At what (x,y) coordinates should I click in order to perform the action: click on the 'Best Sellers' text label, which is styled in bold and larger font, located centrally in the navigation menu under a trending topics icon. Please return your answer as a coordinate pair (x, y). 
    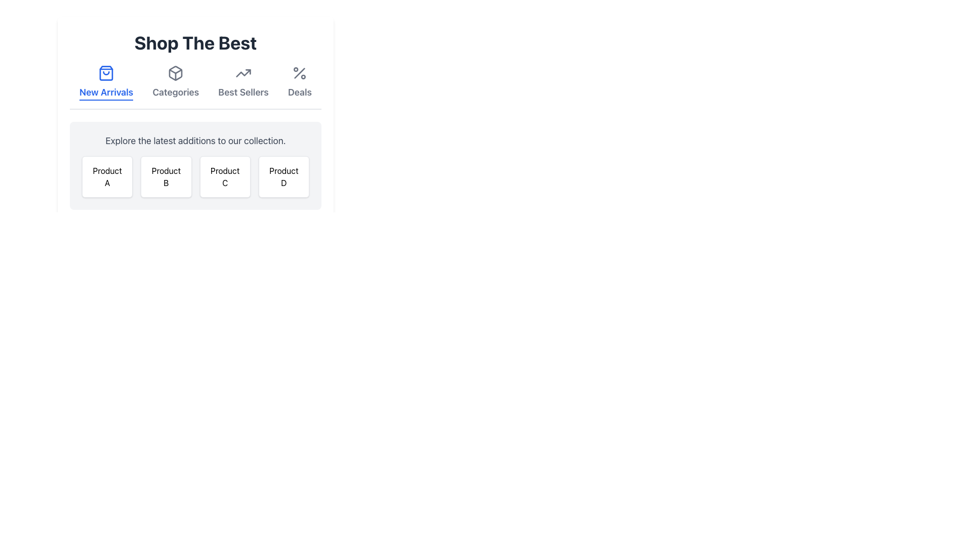
    Looking at the image, I should click on (244, 92).